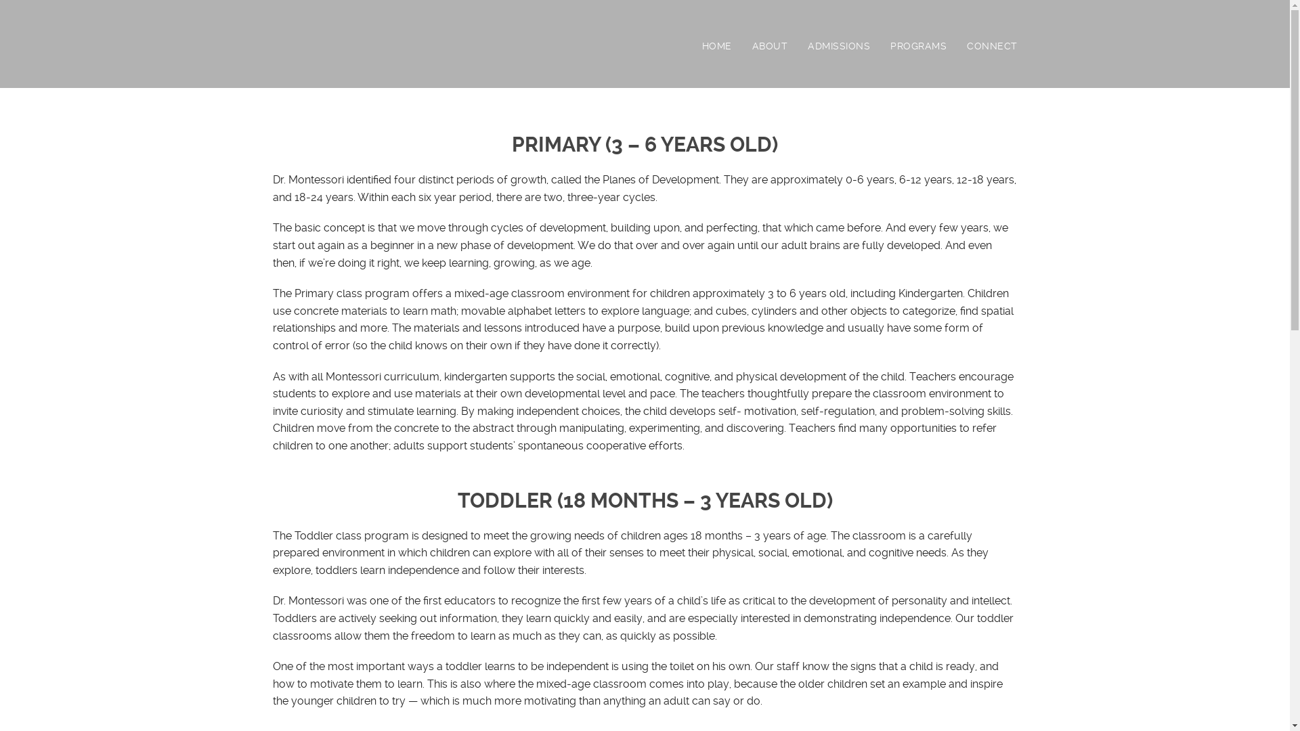  What do you see at coordinates (992, 45) in the screenshot?
I see `'CONNECT'` at bounding box center [992, 45].